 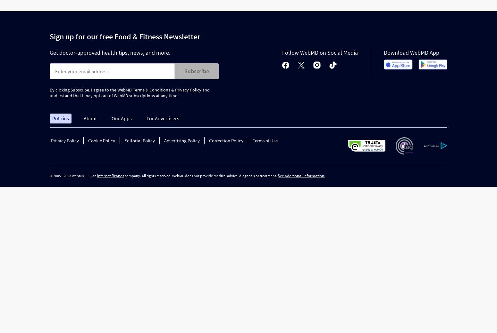 I want to click on '&', so click(x=171, y=89).